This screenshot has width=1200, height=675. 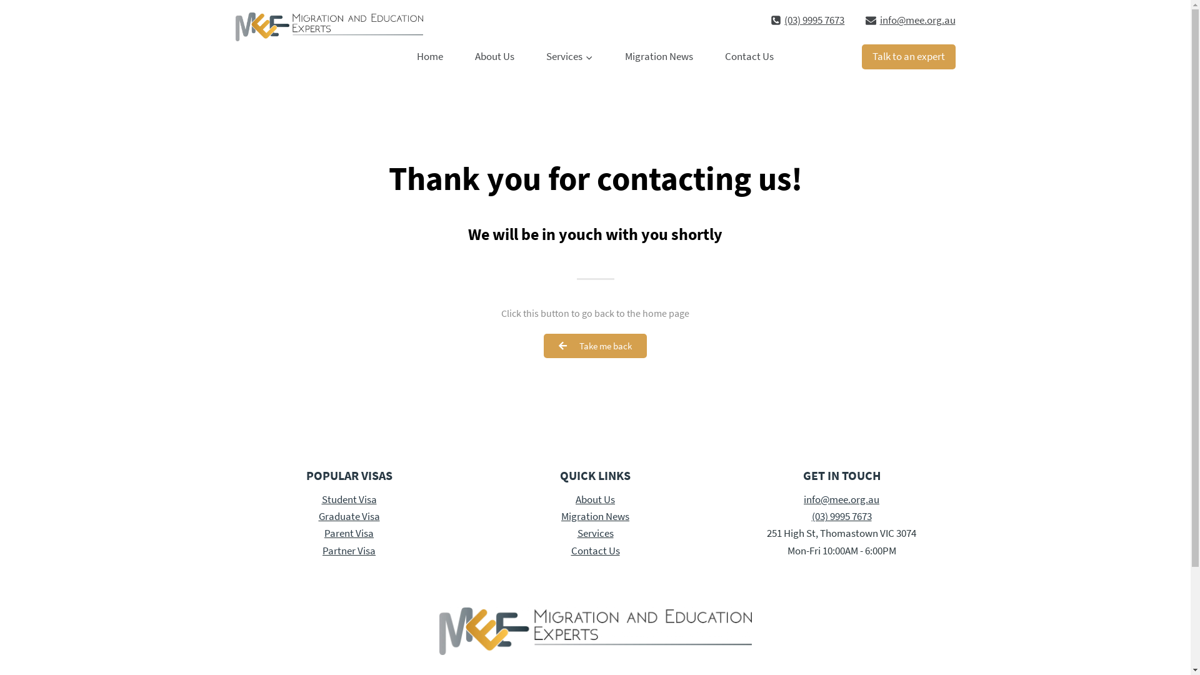 I want to click on 'About Us', so click(x=594, y=498).